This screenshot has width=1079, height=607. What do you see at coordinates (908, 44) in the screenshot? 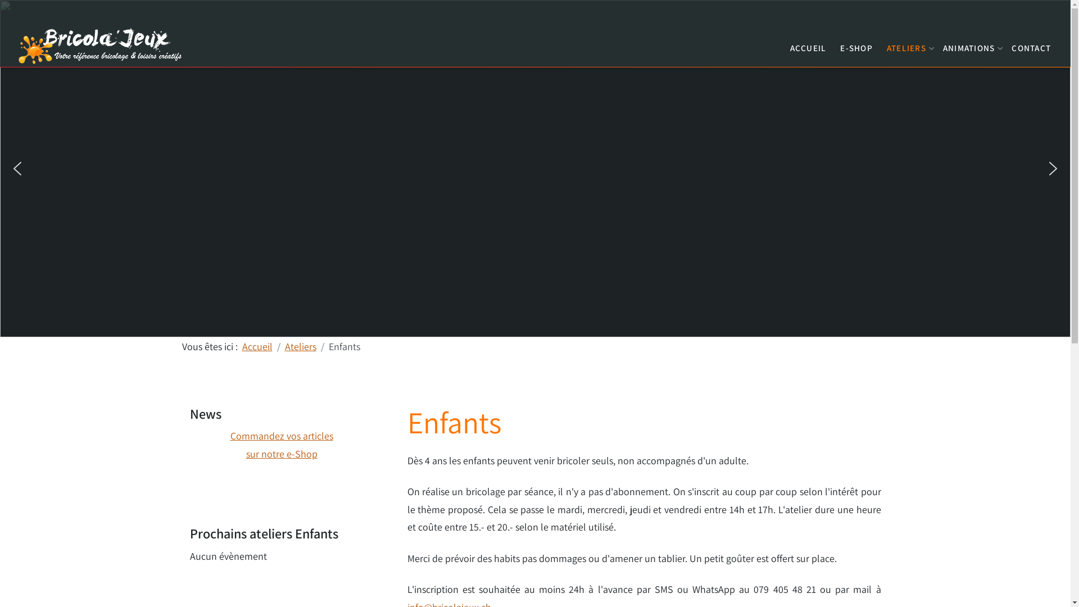
I see `'ATELIERS'` at bounding box center [908, 44].